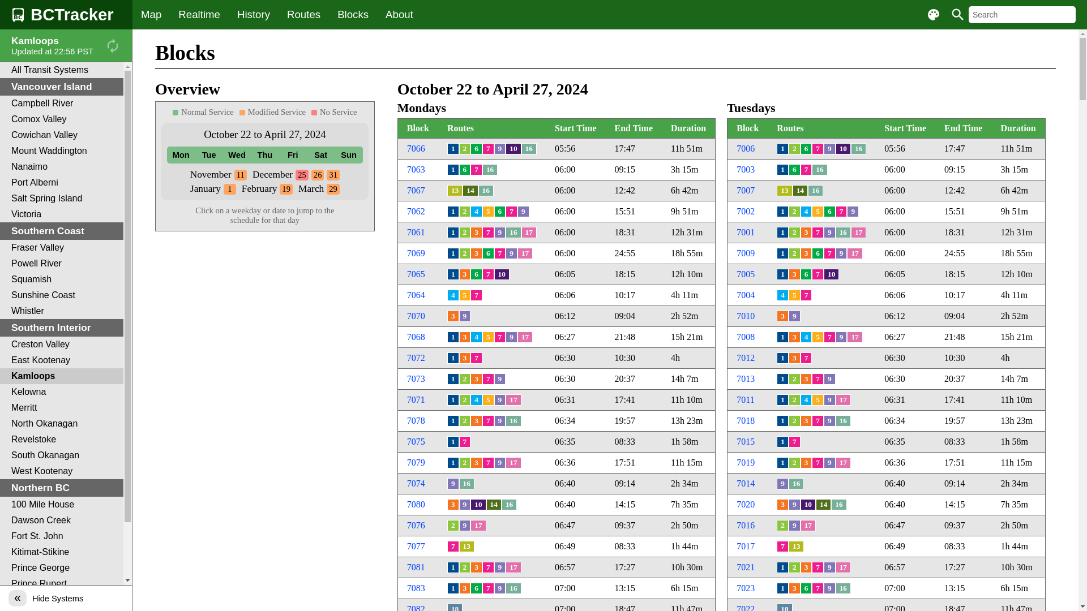 The height and width of the screenshot is (611, 1087). Describe the element at coordinates (512, 399) in the screenshot. I see `'17'` at that location.